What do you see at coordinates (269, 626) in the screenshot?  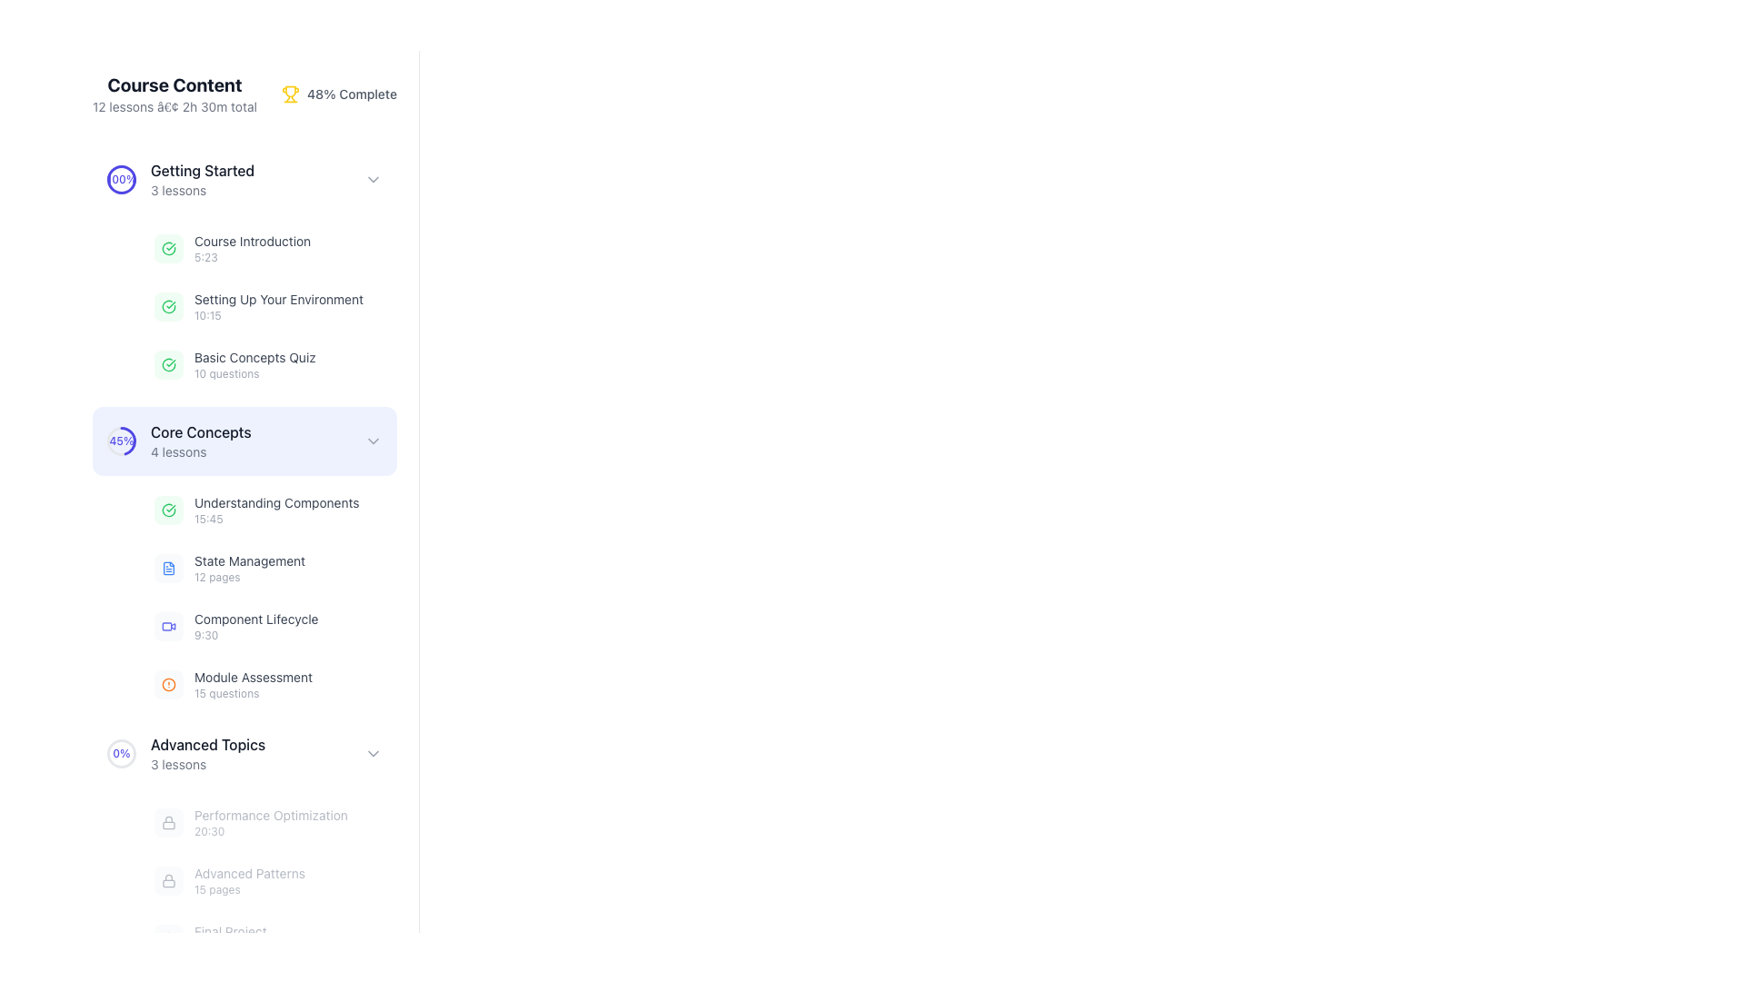 I see `the interactive list item titled 'Component Lifecycle'` at bounding box center [269, 626].